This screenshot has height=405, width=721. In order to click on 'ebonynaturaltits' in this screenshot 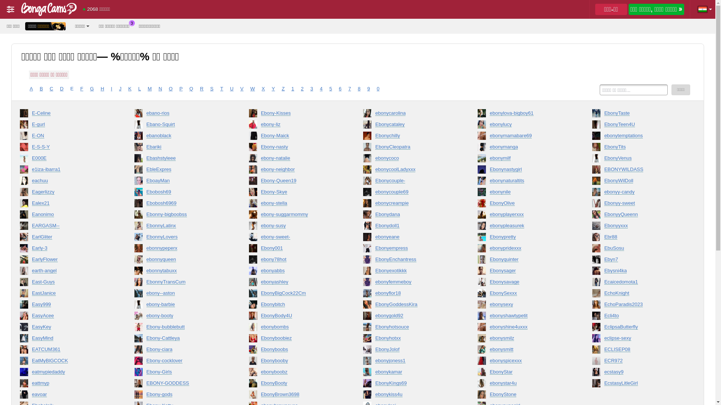, I will do `click(477, 182)`.